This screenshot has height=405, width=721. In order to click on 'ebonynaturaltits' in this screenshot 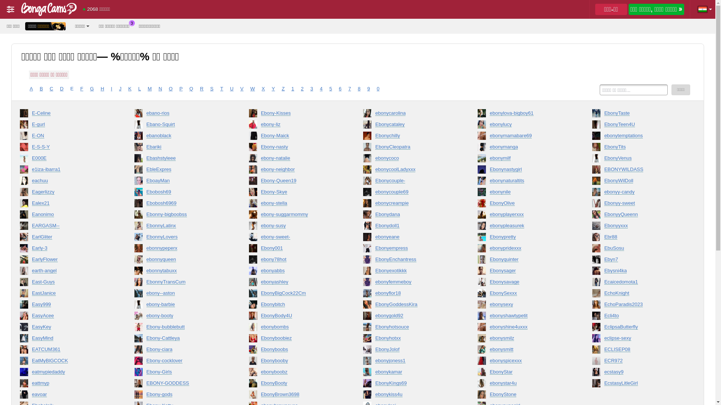, I will do `click(477, 182)`.